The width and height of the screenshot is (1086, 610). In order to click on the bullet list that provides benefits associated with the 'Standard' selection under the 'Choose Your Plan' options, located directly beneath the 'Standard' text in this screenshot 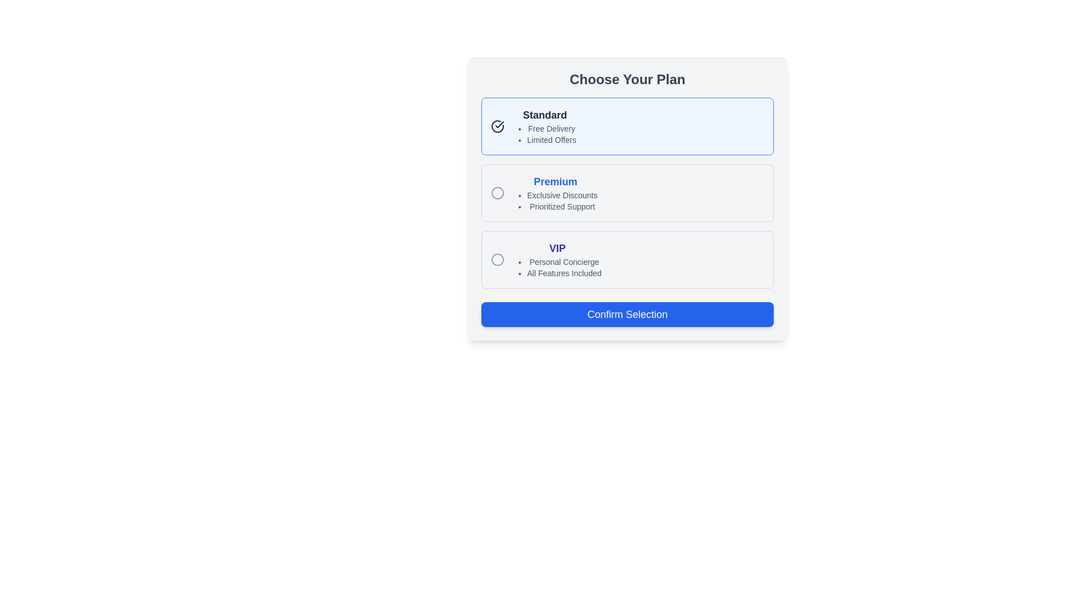, I will do `click(551, 134)`.